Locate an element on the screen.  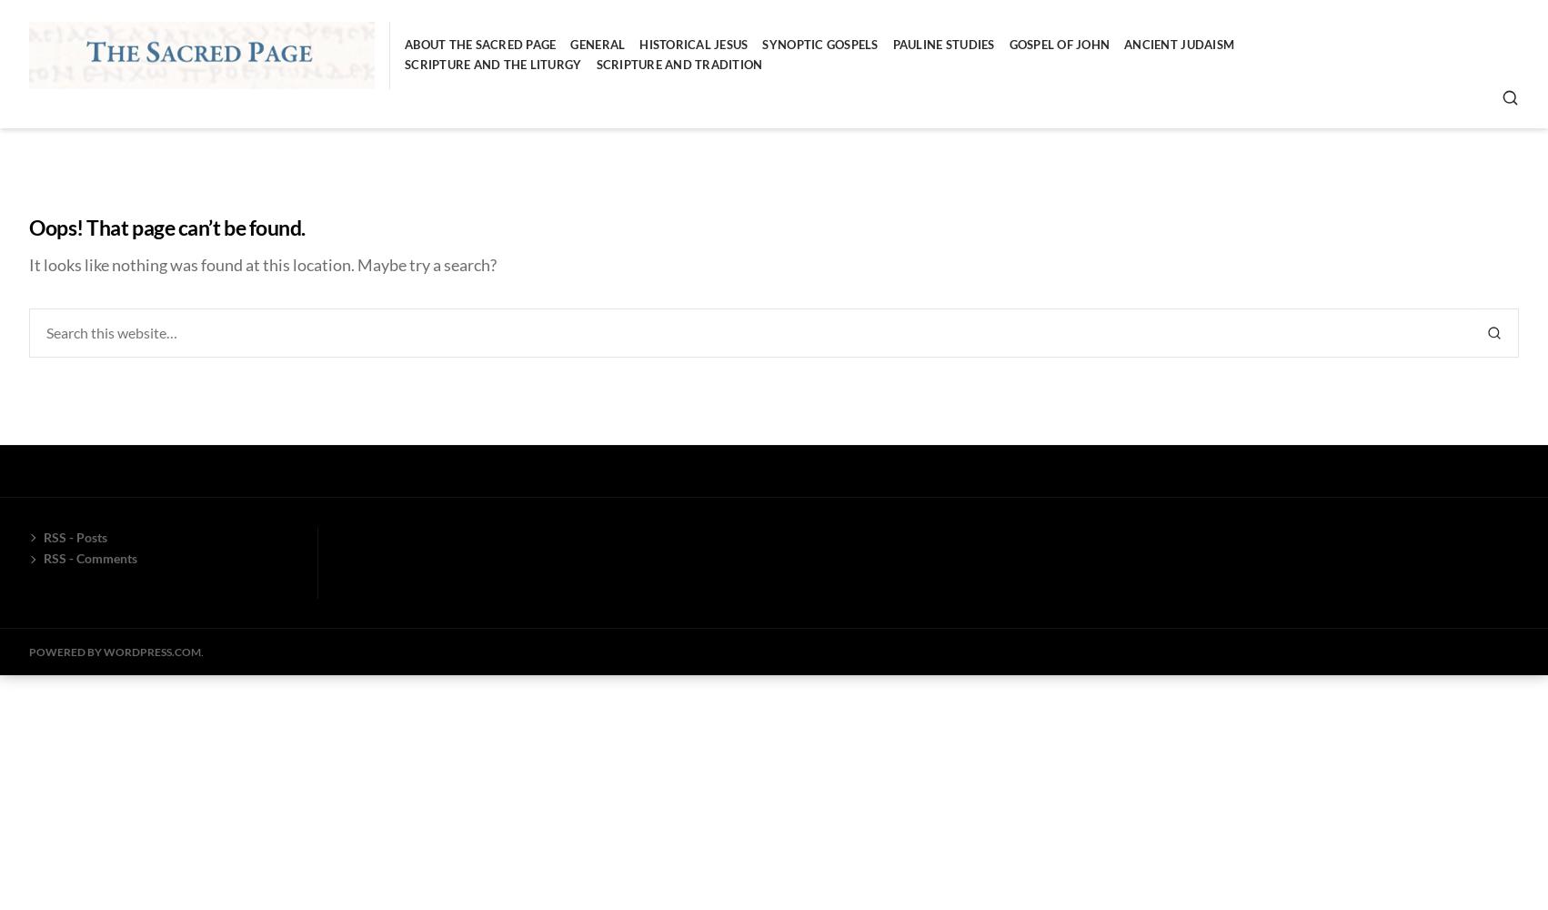
'It looks like nothing was found at this location. Maybe try a search?' is located at coordinates (262, 265).